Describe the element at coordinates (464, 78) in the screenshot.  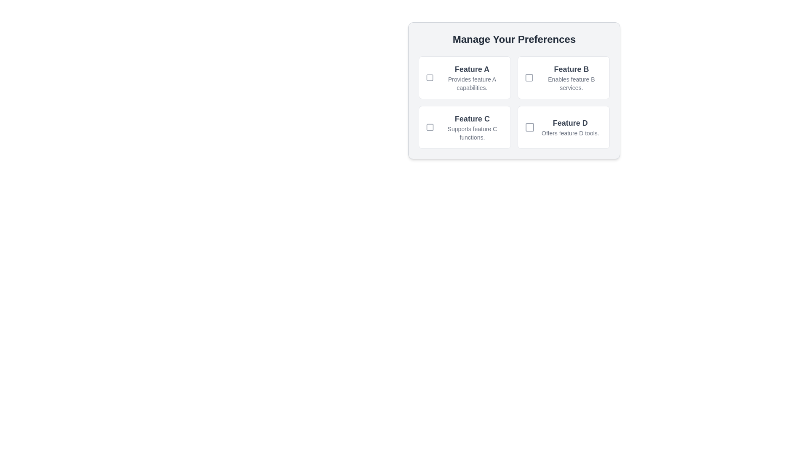
I see `the Checkbox with Label that has a bold title 'Feature A' and a subtitle 'Provides feature A capabilities.'` at that location.